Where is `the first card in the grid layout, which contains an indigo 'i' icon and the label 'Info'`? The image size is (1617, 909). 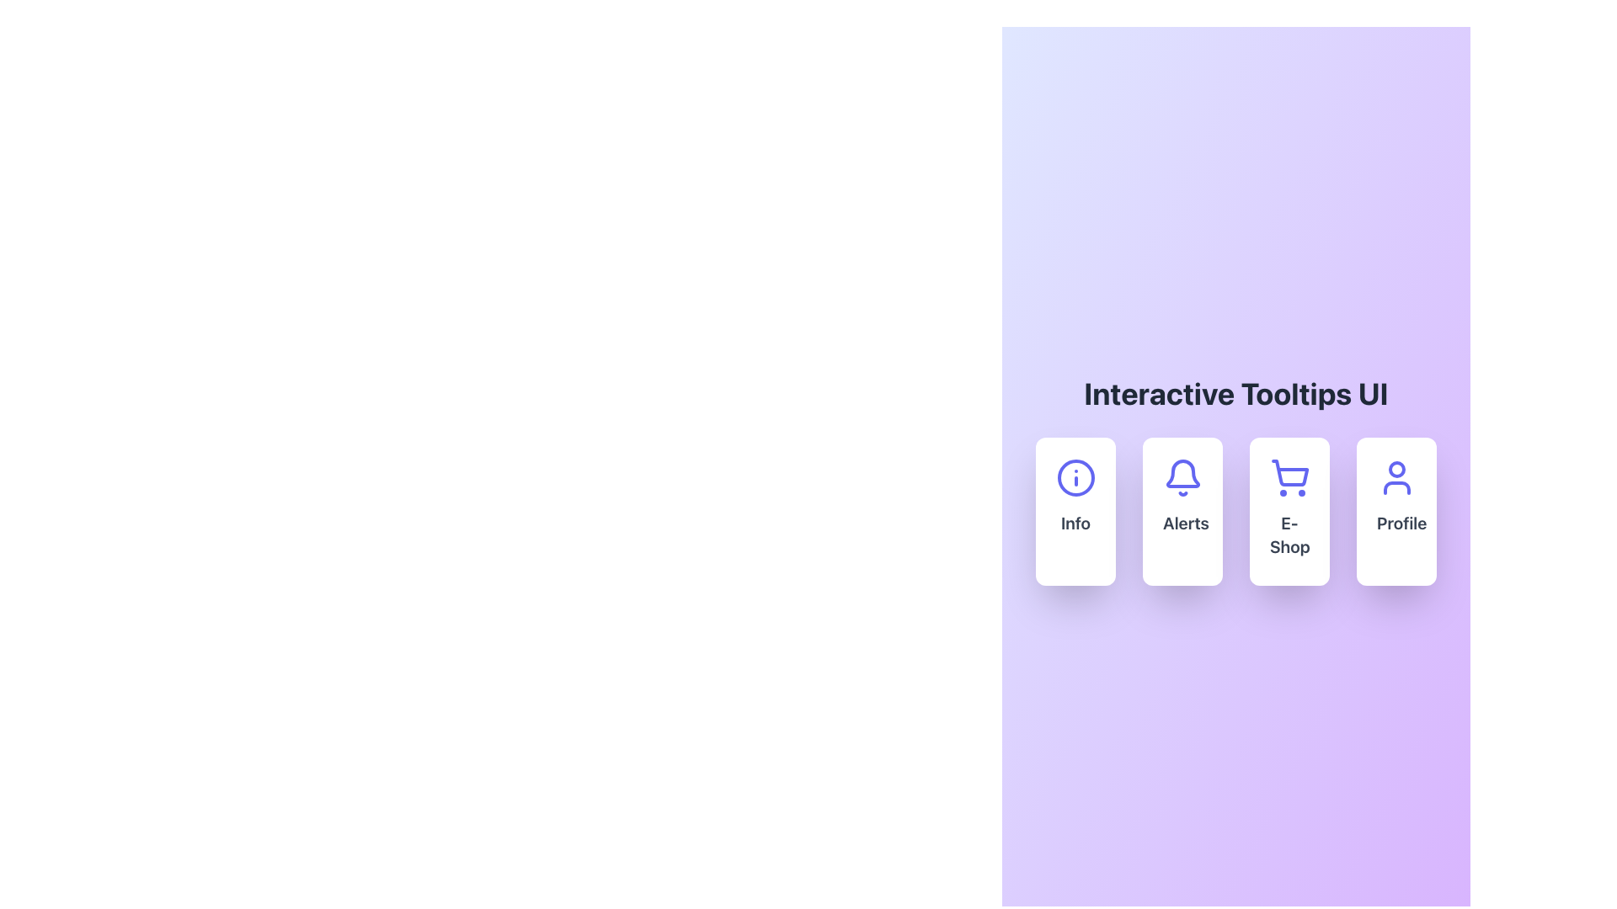 the first card in the grid layout, which contains an indigo 'i' icon and the label 'Info' is located at coordinates (1075, 511).